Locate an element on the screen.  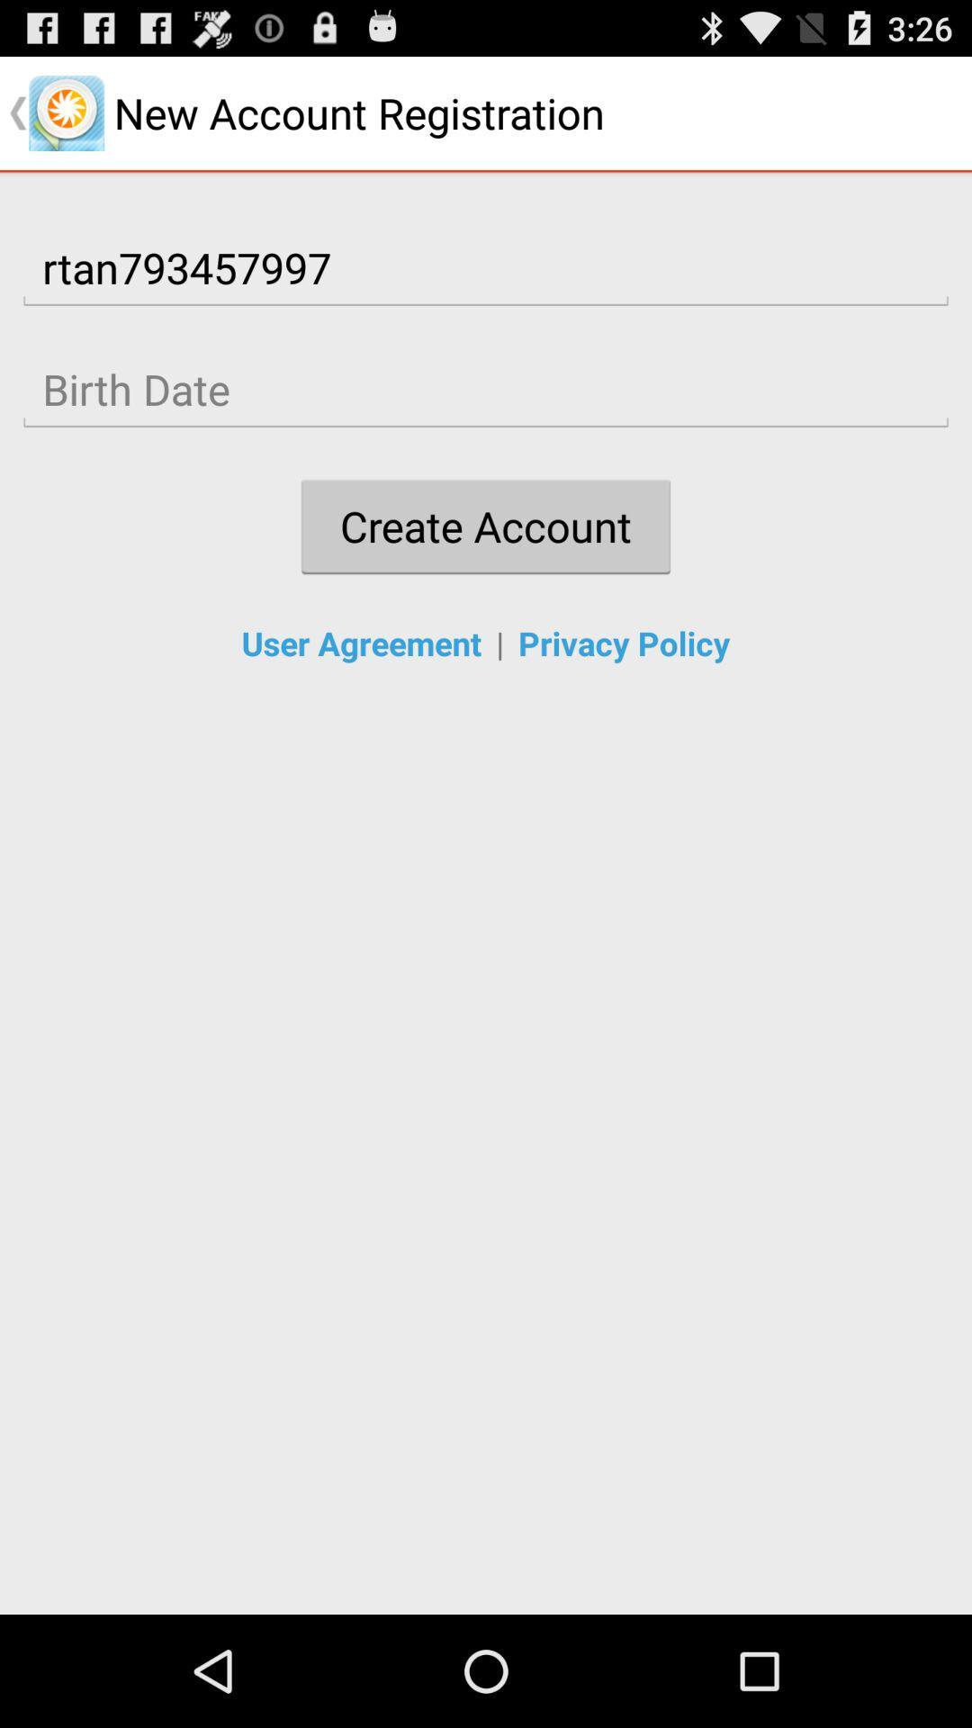
birth date input field is located at coordinates (486, 389).